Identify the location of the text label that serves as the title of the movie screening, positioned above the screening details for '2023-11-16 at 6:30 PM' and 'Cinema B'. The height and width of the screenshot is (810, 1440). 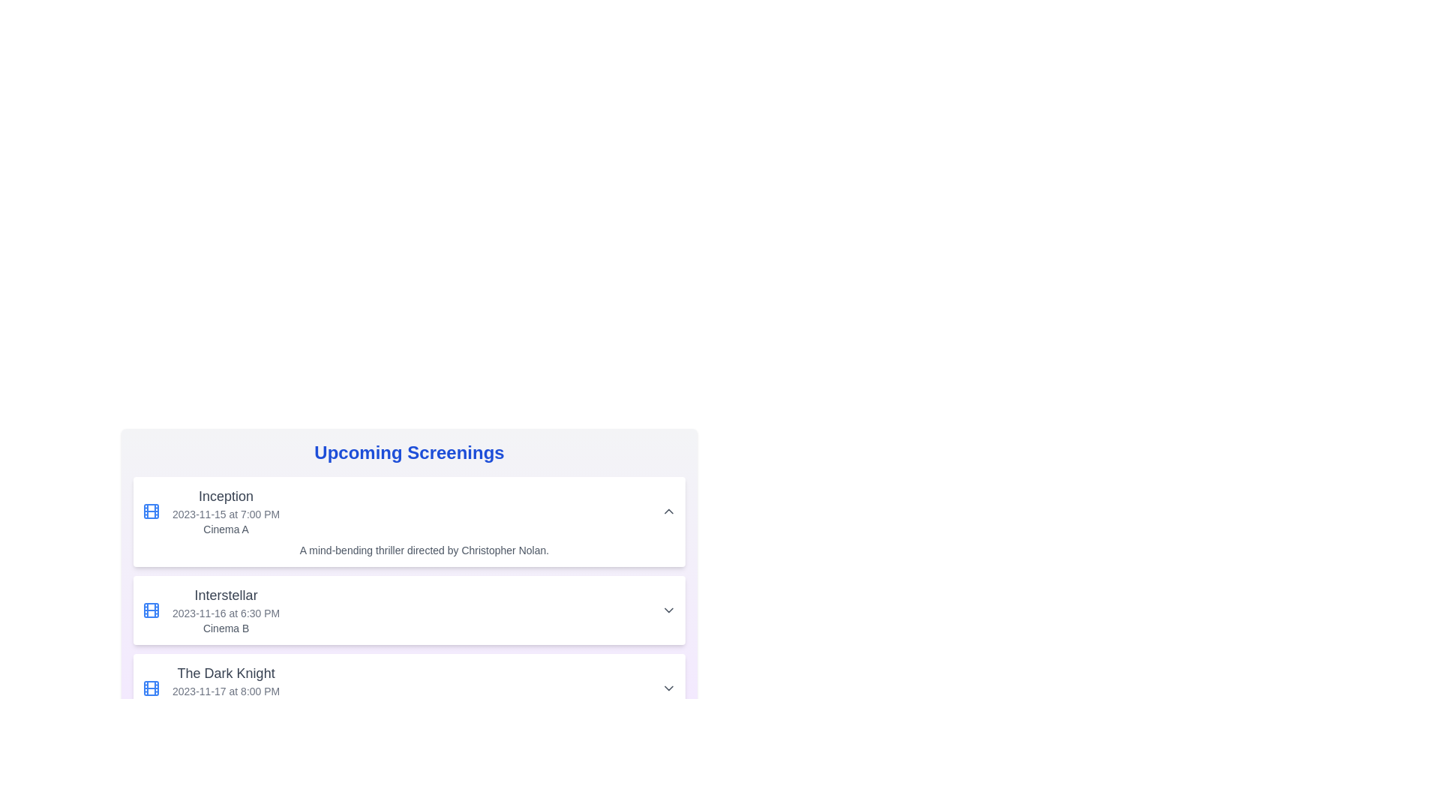
(225, 595).